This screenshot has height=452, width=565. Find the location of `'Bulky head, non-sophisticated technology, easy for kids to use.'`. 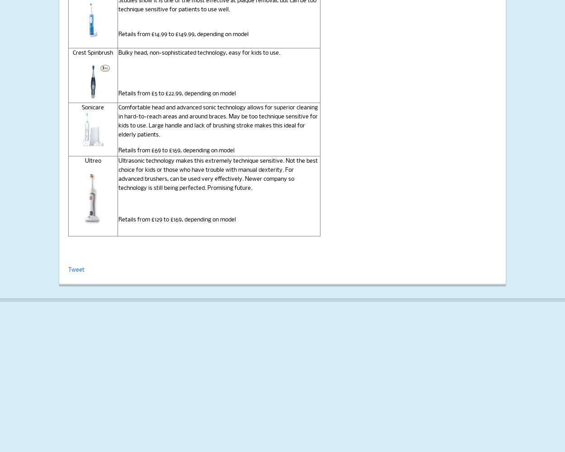

'Bulky head, non-sophisticated technology, easy for kids to use.' is located at coordinates (198, 52).